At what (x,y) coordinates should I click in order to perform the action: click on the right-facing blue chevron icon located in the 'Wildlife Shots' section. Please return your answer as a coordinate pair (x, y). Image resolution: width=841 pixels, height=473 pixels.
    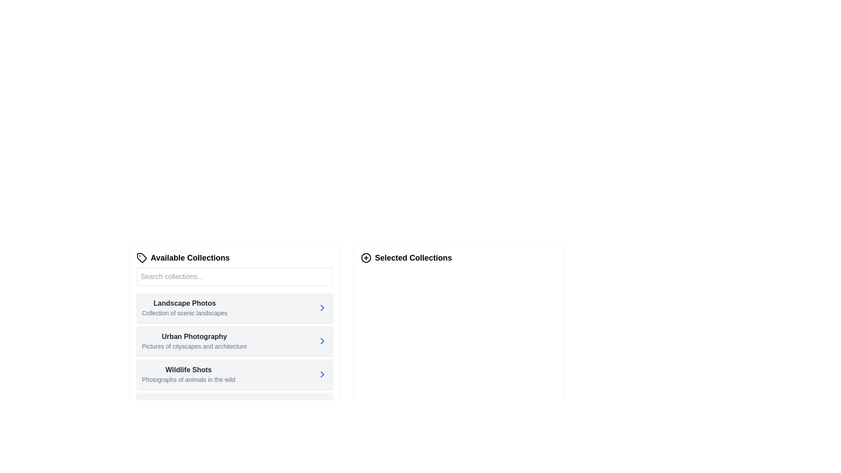
    Looking at the image, I should click on (322, 374).